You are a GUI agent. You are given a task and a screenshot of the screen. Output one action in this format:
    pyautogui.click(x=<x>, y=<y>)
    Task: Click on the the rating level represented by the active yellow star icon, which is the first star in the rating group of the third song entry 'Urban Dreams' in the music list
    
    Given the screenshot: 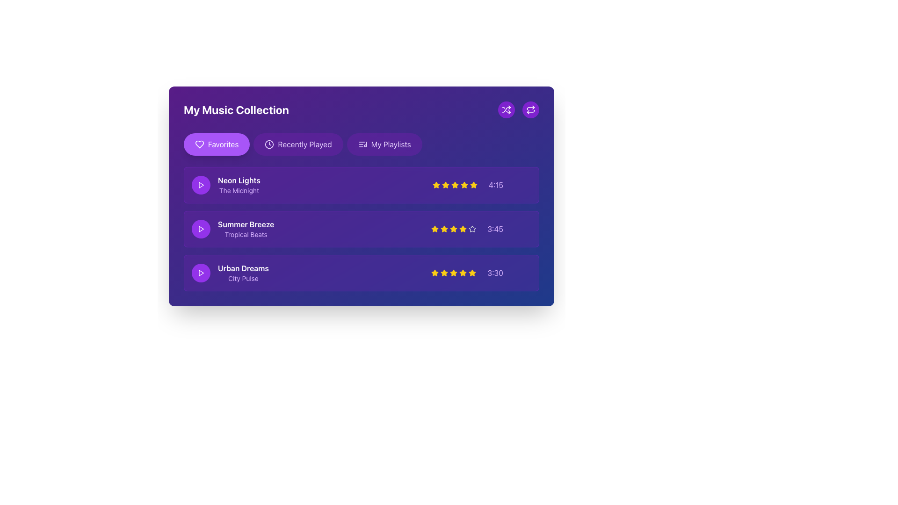 What is the action you would take?
    pyautogui.click(x=435, y=273)
    